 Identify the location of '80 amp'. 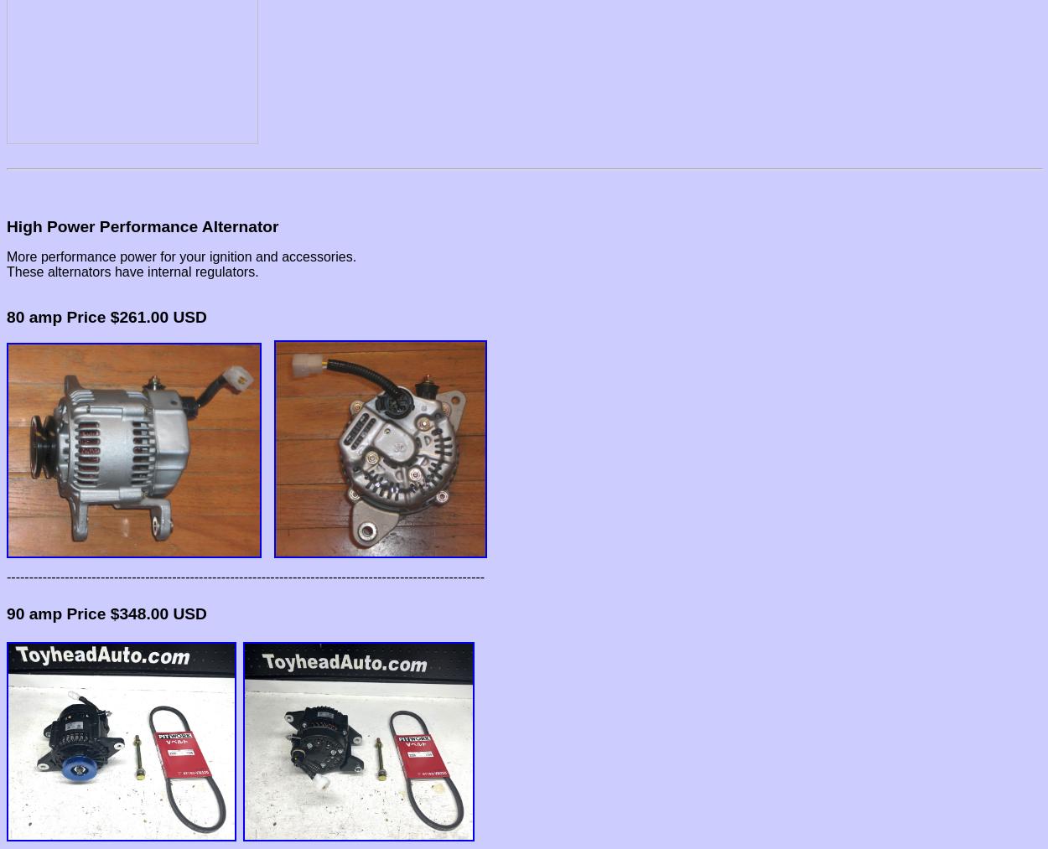
(34, 316).